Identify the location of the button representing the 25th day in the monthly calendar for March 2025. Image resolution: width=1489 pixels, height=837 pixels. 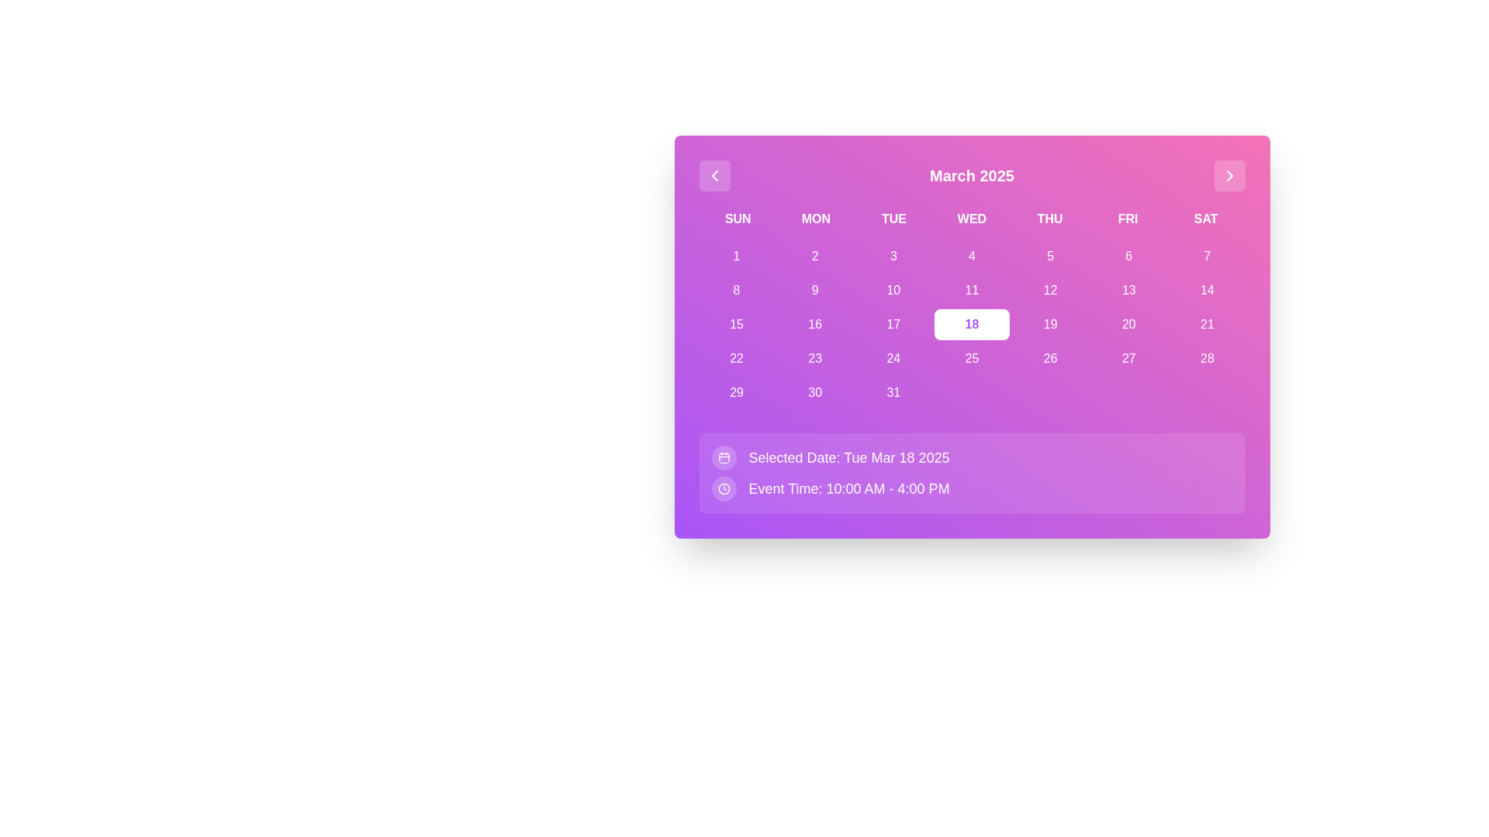
(971, 358).